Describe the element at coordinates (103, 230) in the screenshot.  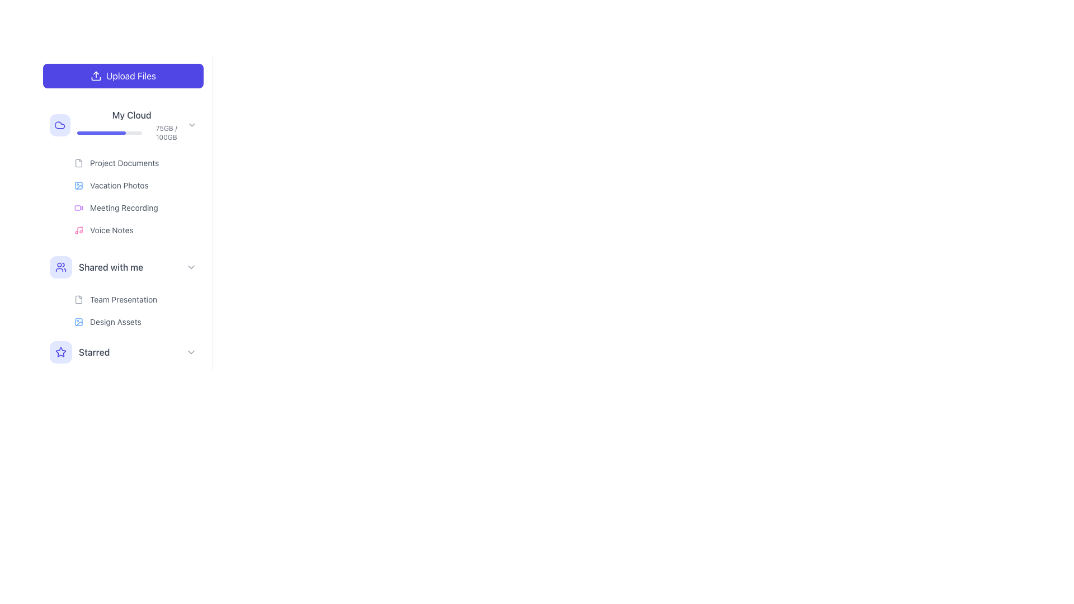
I see `to select the 'Voice Notes' folder or file category located in the 'My Cloud' section, which is the fourth item in the vertical list` at that location.